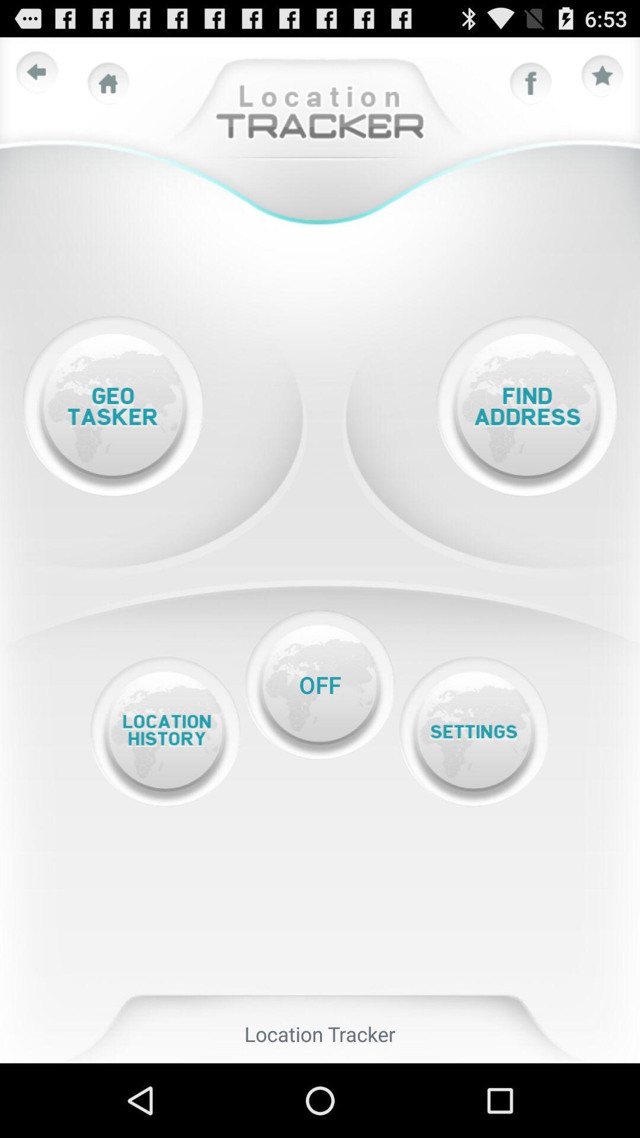  Describe the element at coordinates (108, 83) in the screenshot. I see `home icon` at that location.